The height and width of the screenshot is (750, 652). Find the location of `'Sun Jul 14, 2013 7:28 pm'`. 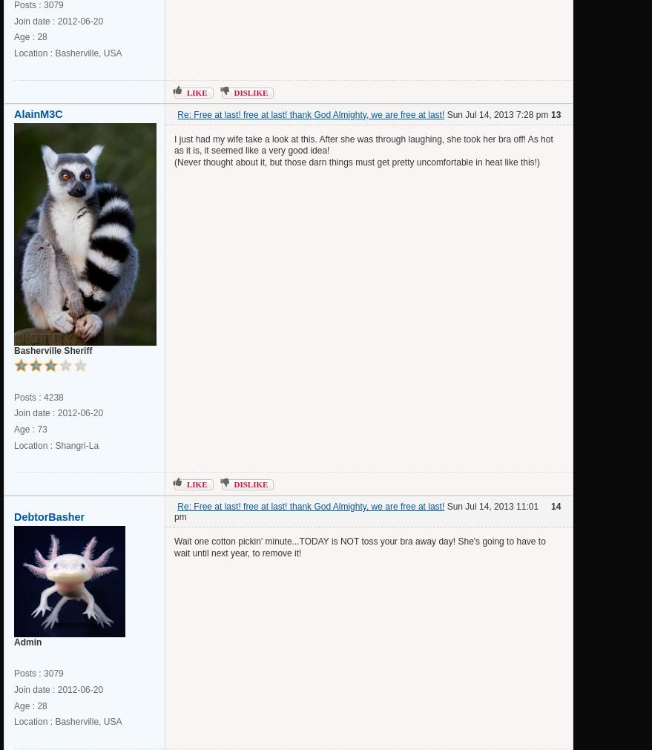

'Sun Jul 14, 2013 7:28 pm' is located at coordinates (444, 113).